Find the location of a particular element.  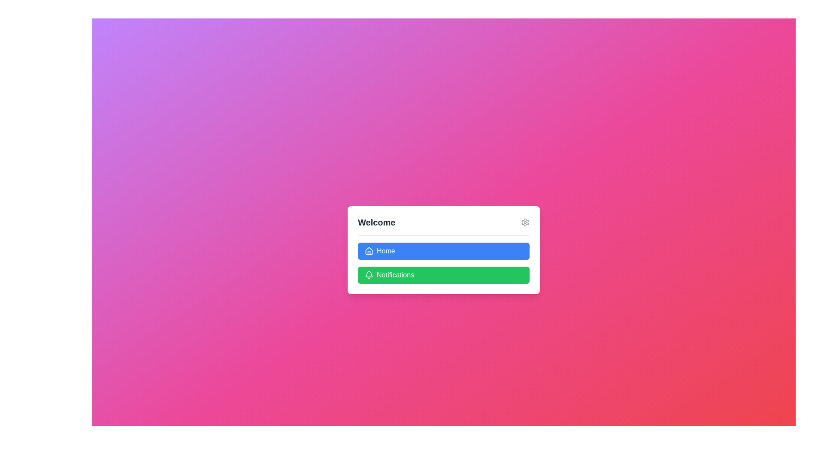

the house-shaped icon within the blue background of the 'Home' navigation button is located at coordinates (369, 251).